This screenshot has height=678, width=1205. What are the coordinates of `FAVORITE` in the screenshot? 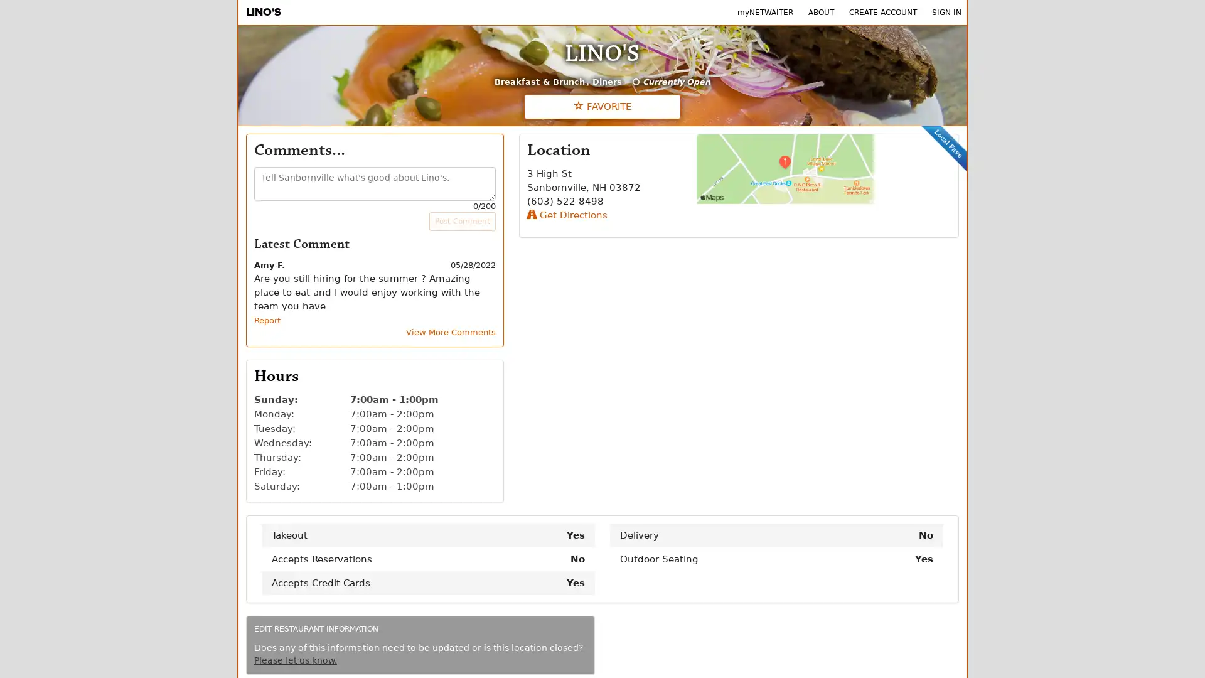 It's located at (602, 105).